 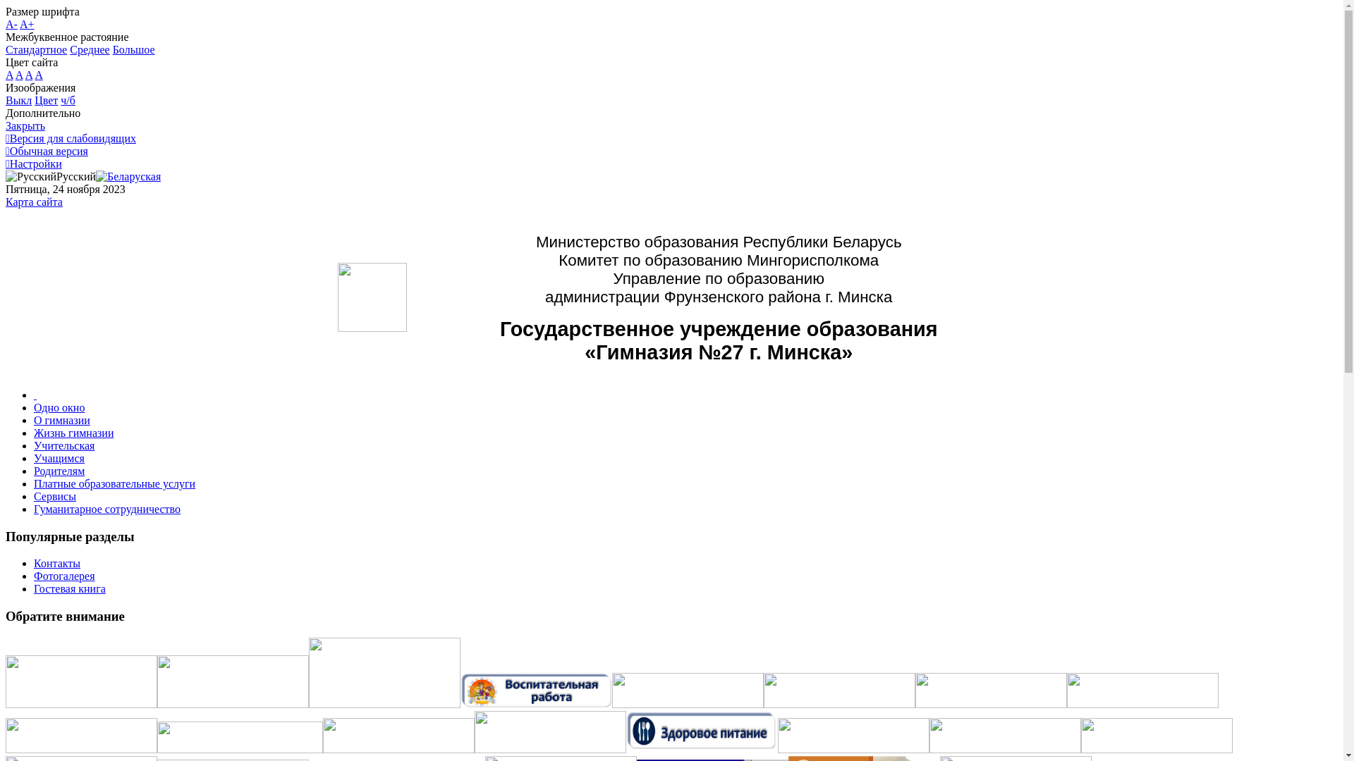 What do you see at coordinates (27, 24) in the screenshot?
I see `'A+'` at bounding box center [27, 24].